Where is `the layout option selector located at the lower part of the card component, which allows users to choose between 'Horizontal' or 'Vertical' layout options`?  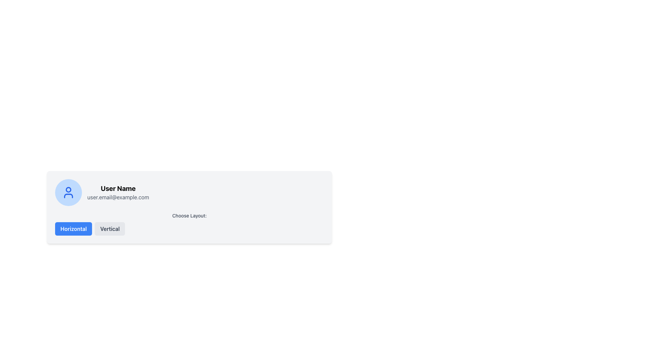
the layout option selector located at the lower part of the card component, which allows users to choose between 'Horizontal' or 'Vertical' layout options is located at coordinates (189, 223).